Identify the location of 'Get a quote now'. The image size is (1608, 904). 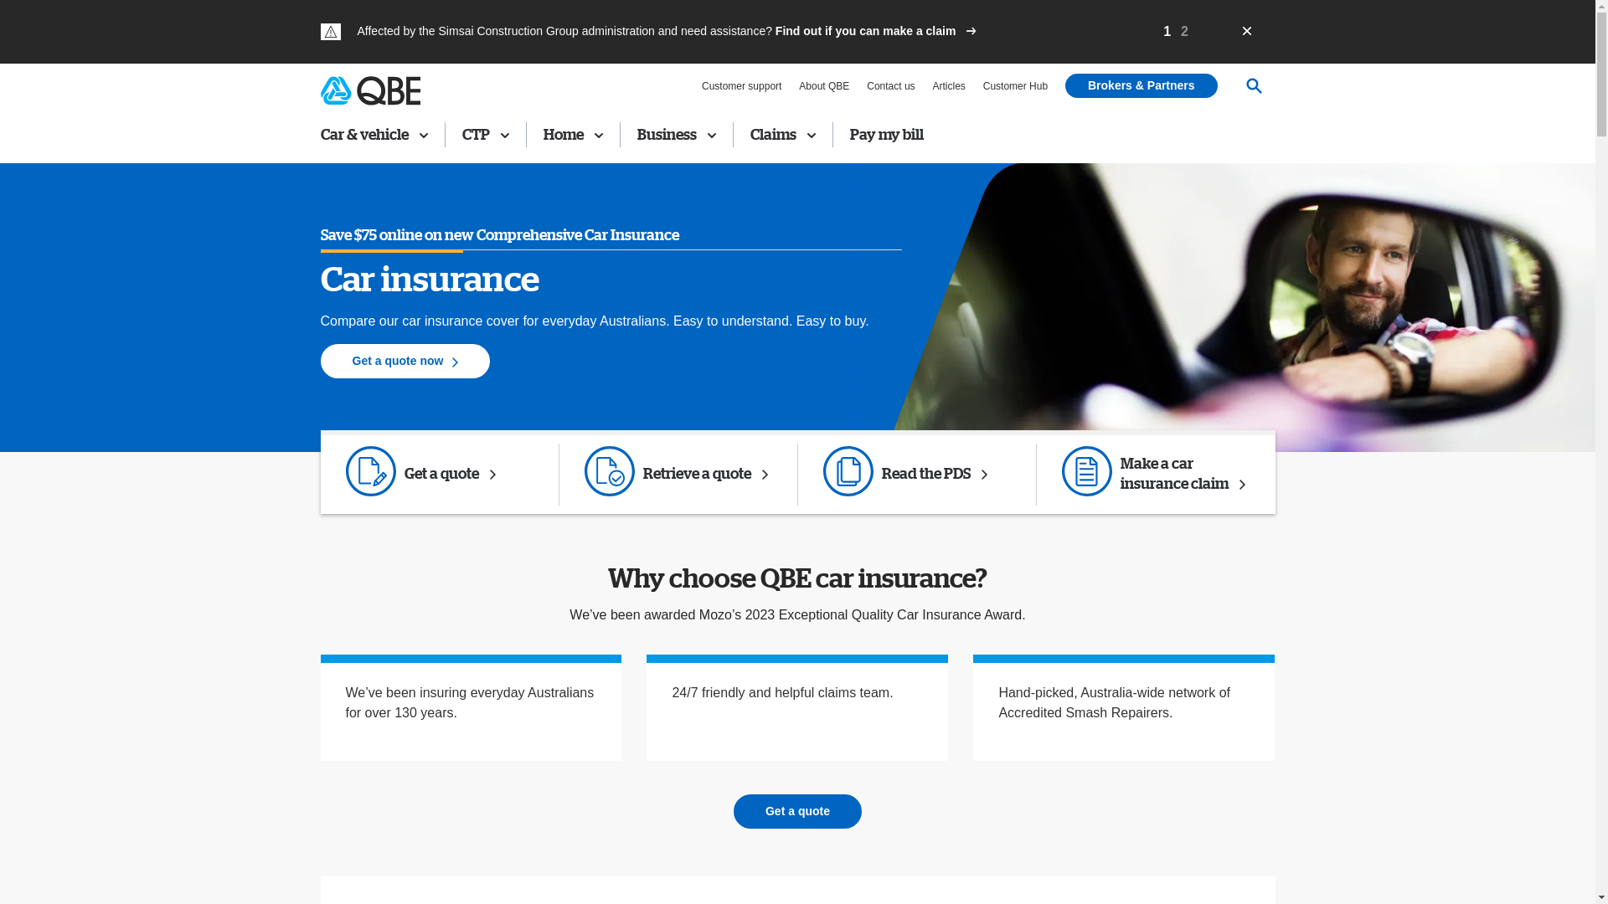
(405, 360).